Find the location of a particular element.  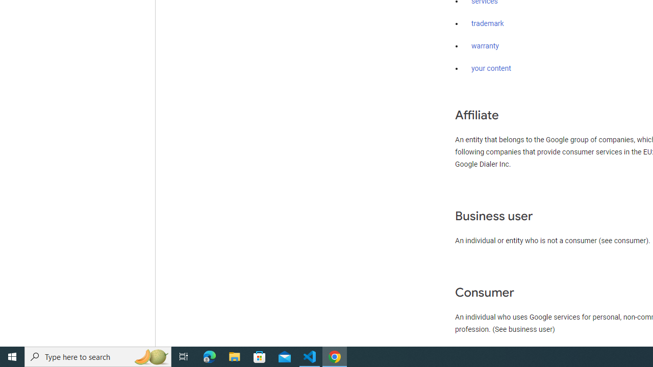

'warranty' is located at coordinates (485, 46).